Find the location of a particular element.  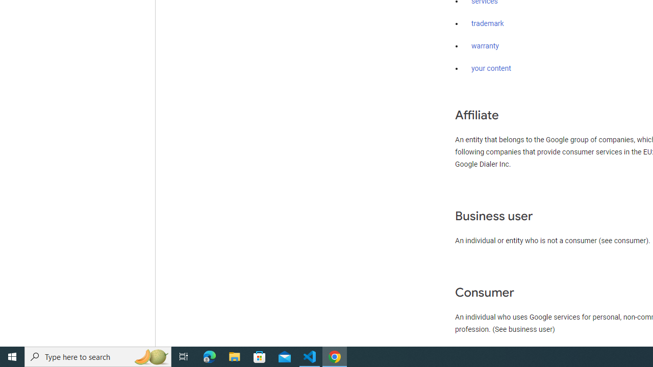

'warranty' is located at coordinates (485, 46).